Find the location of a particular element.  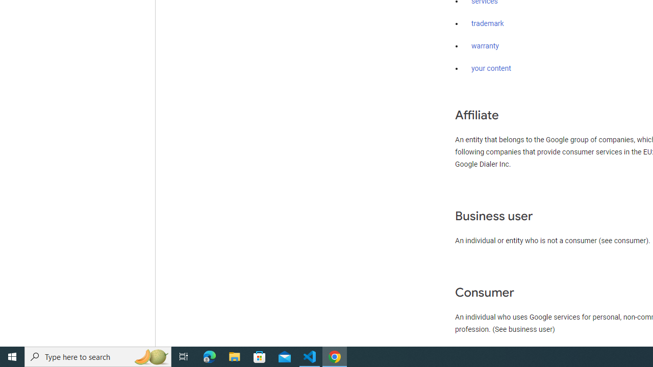

'warranty' is located at coordinates (485, 46).